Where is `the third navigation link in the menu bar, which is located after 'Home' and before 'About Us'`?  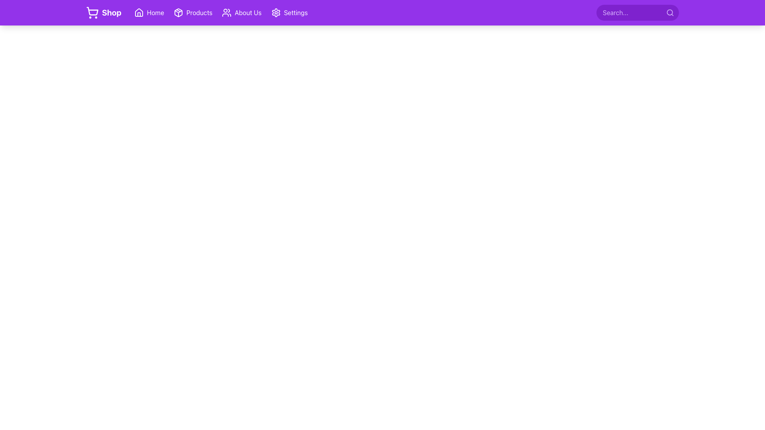
the third navigation link in the menu bar, which is located after 'Home' and before 'About Us' is located at coordinates (197, 12).